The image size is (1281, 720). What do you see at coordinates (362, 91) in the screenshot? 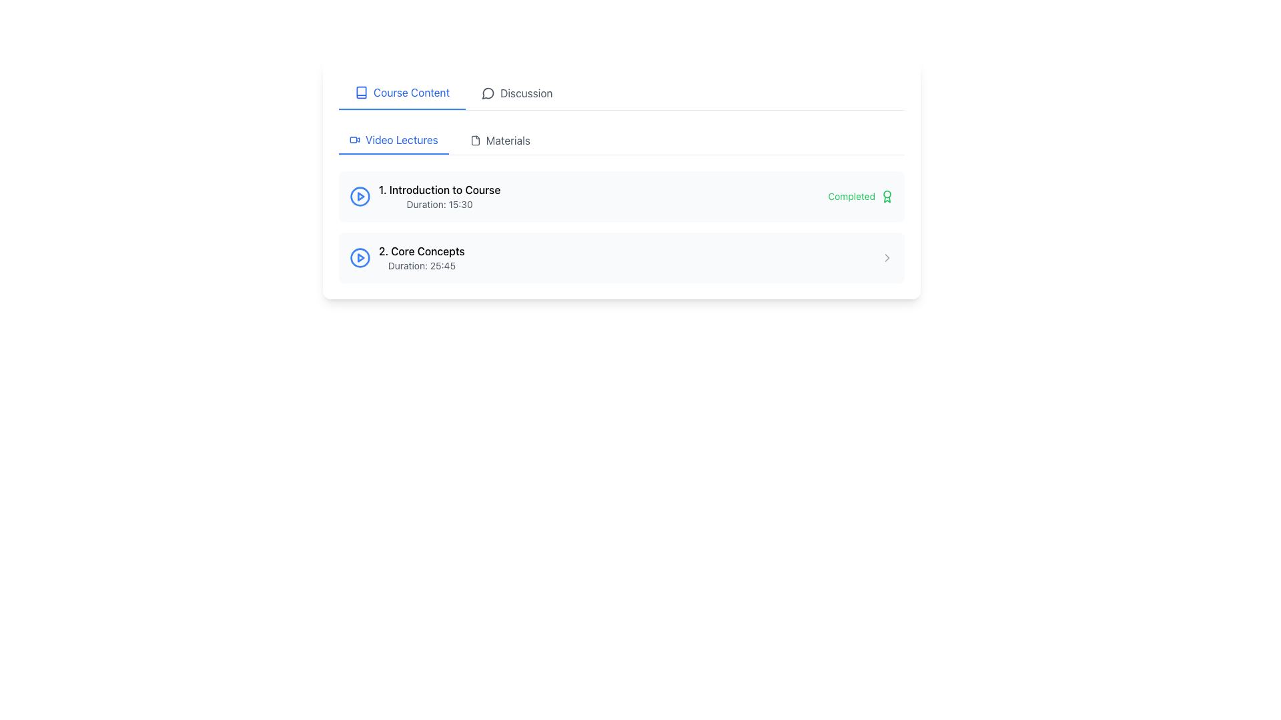
I see `the SVG book icon located to the left of the 'Course Content' text in the header section tab` at bounding box center [362, 91].